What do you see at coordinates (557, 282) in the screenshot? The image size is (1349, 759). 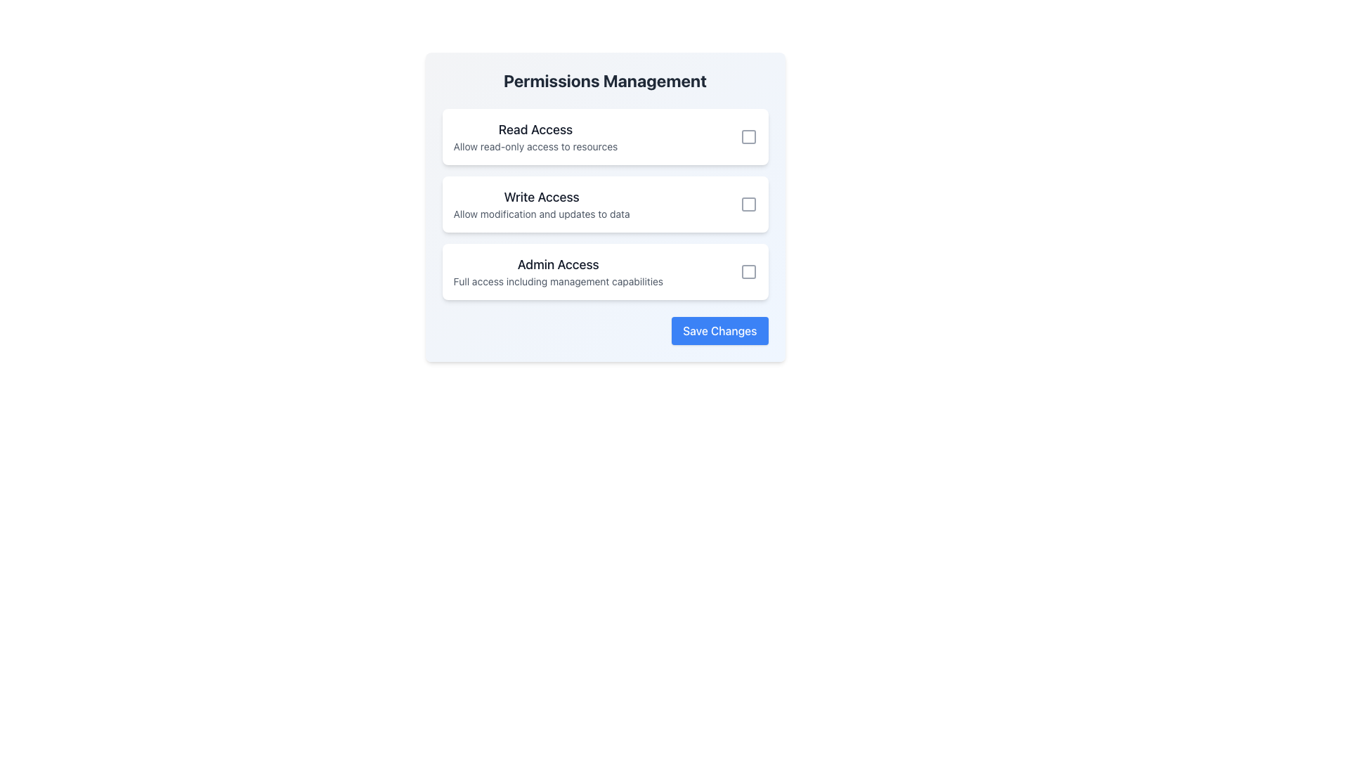 I see `the descriptive text element that reads 'Full access including management capabilities', which is located directly beneath the 'Admin Access' title in the permissions management interface` at bounding box center [557, 282].